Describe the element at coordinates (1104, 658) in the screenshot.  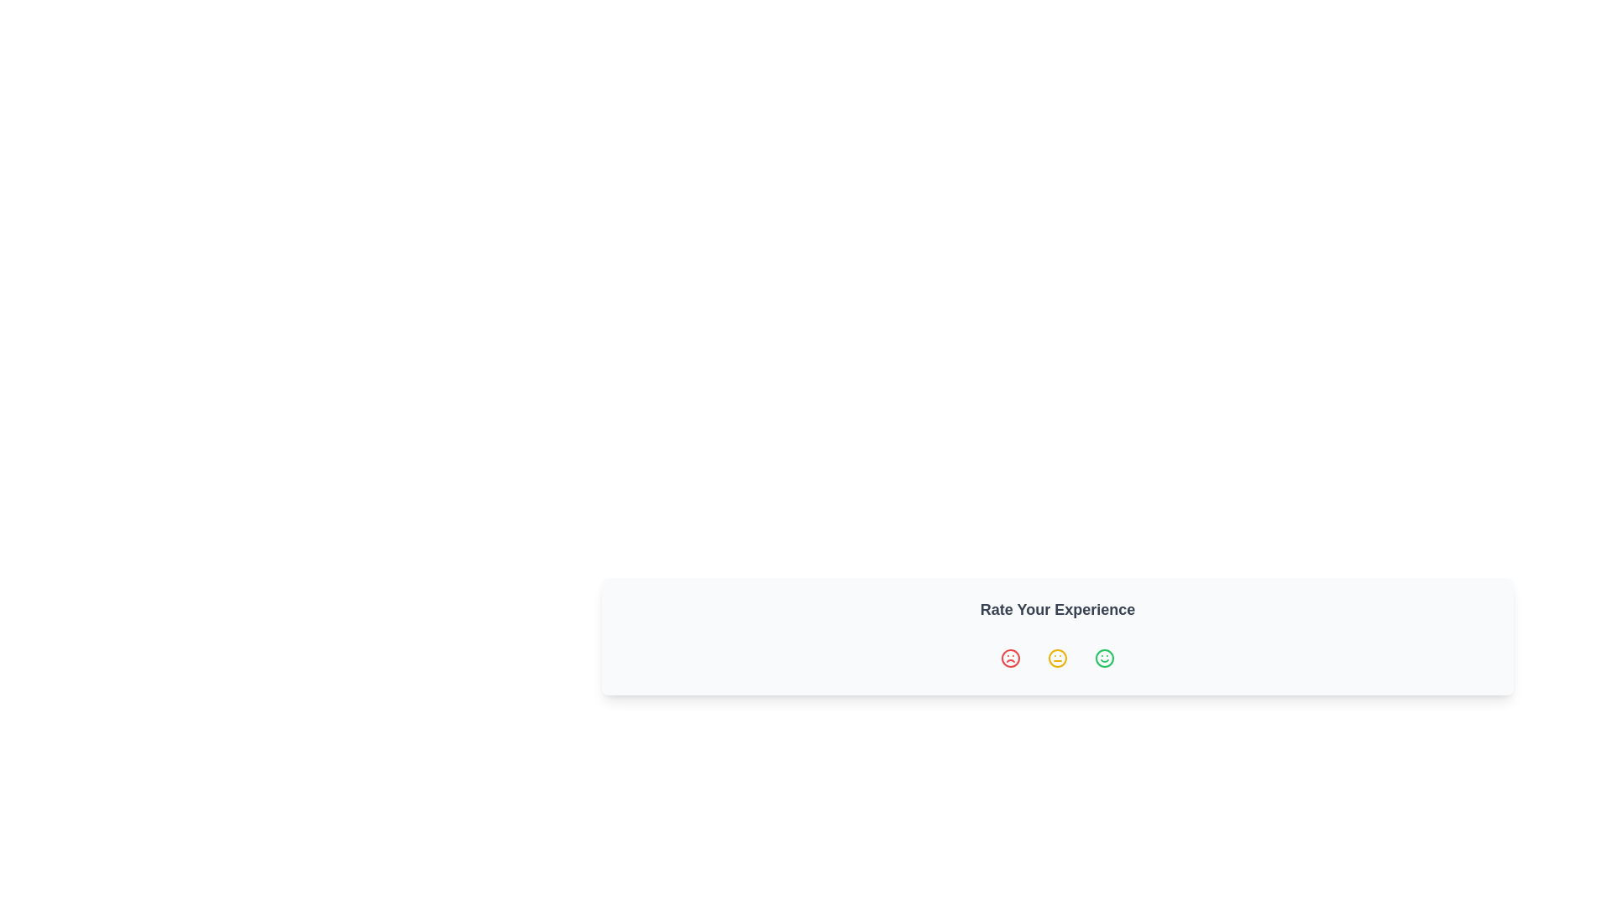
I see `the green circular icon representing a smiling face on the far right of the row of icons` at that location.